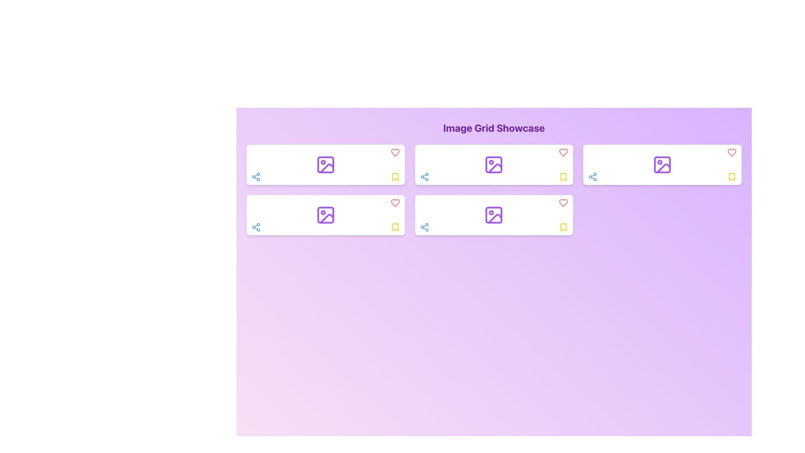 The image size is (805, 453). Describe the element at coordinates (325, 215) in the screenshot. I see `the purple image icon located at the center of the second card in the second row of the grid interface for further actions` at that location.